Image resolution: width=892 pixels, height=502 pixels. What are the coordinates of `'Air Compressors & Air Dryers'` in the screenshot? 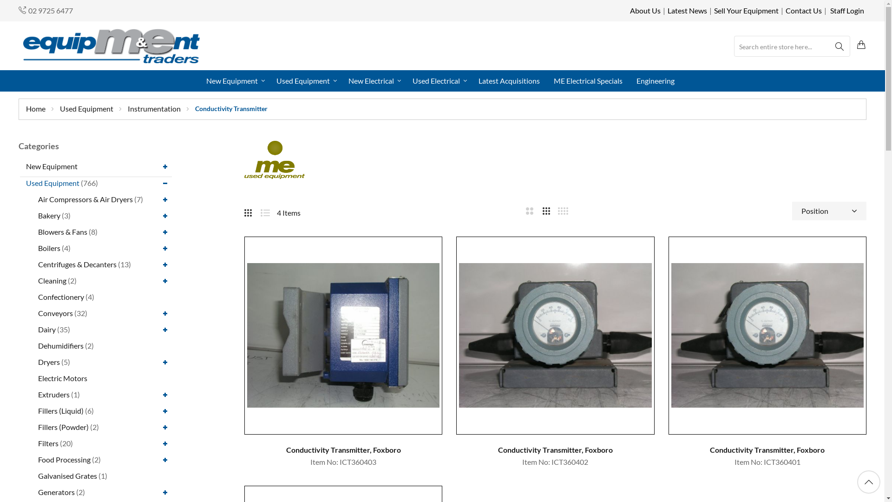 It's located at (37, 198).